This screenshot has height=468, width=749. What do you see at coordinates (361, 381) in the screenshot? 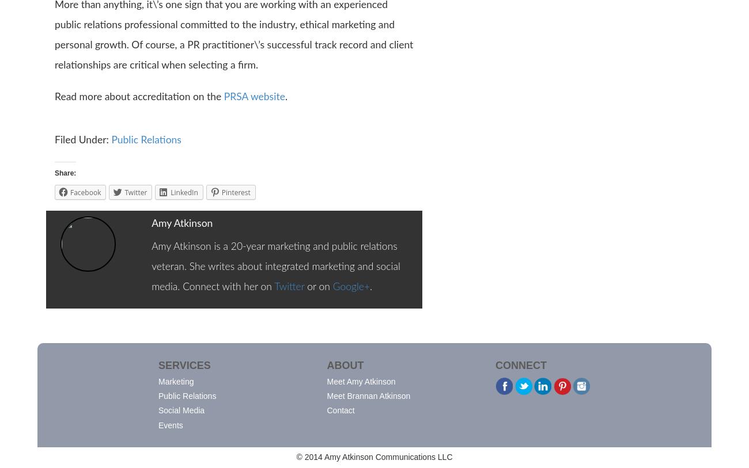
I see `'Meet Amy Atkinson'` at bounding box center [361, 381].